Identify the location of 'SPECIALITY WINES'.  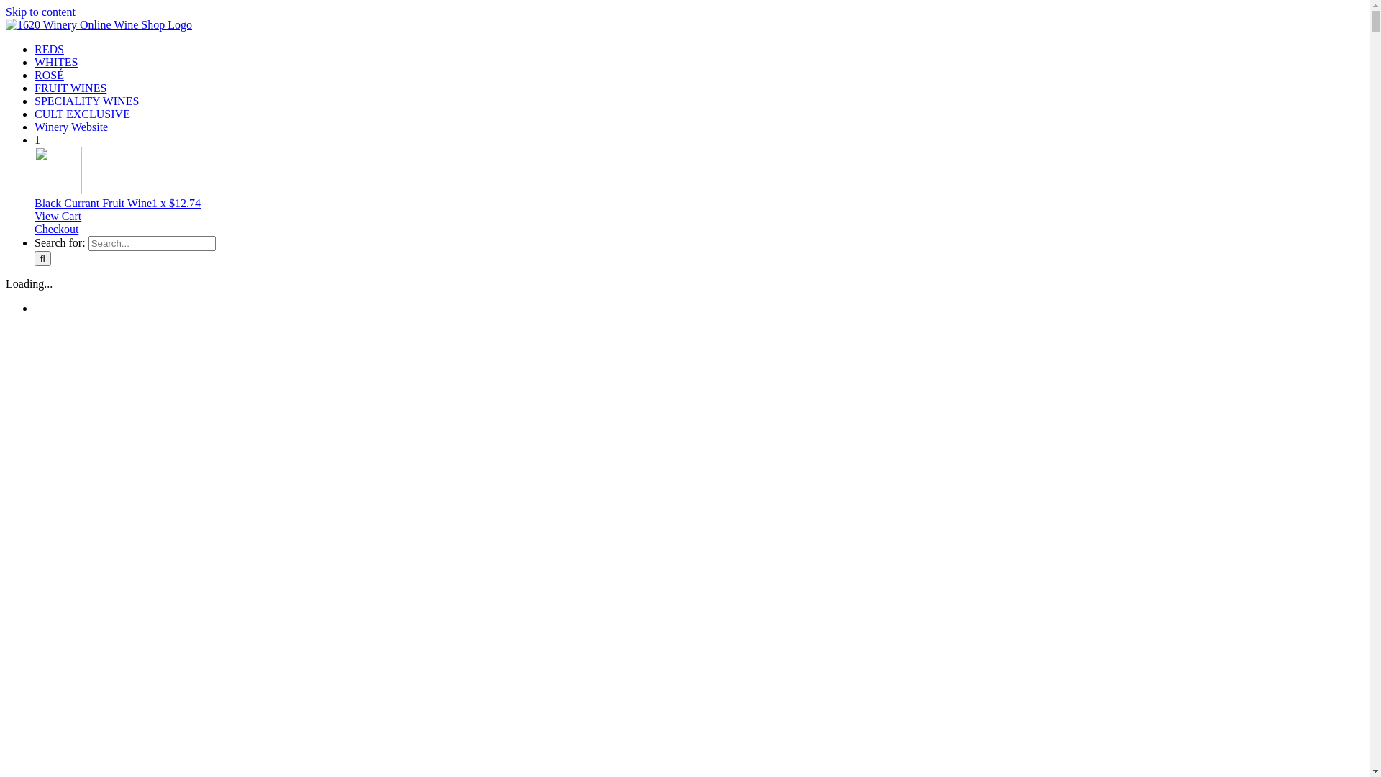
(86, 100).